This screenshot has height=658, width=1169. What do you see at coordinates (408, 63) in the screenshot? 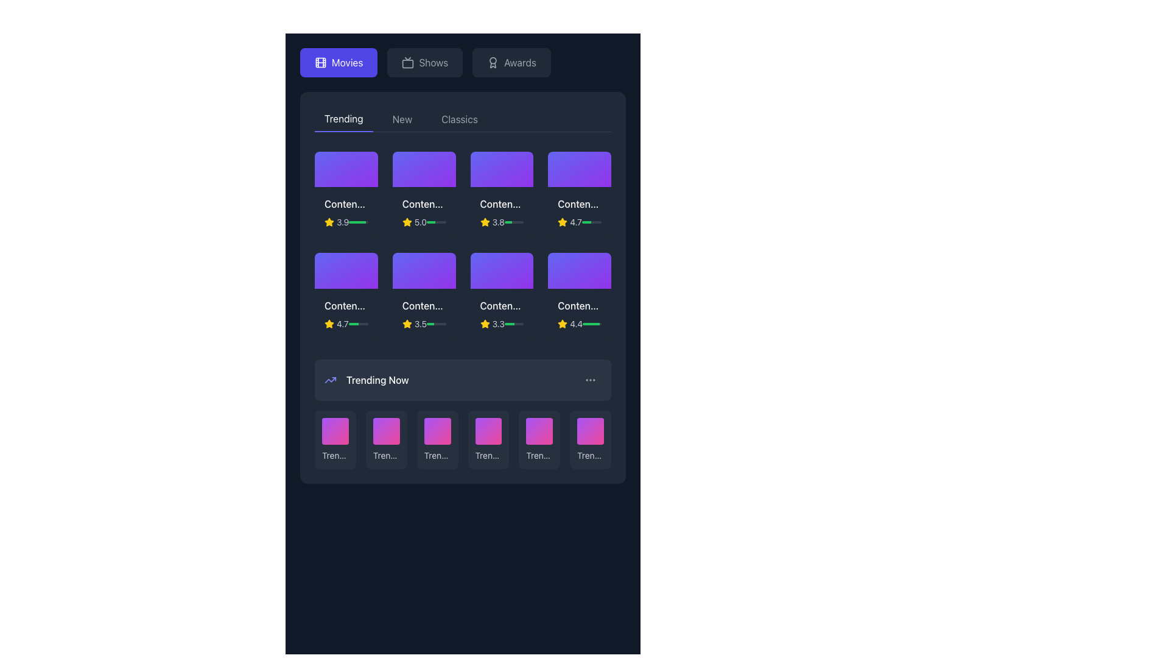
I see `the TV-shaped icon in the top navigation bar labeled 'Shows'` at bounding box center [408, 63].